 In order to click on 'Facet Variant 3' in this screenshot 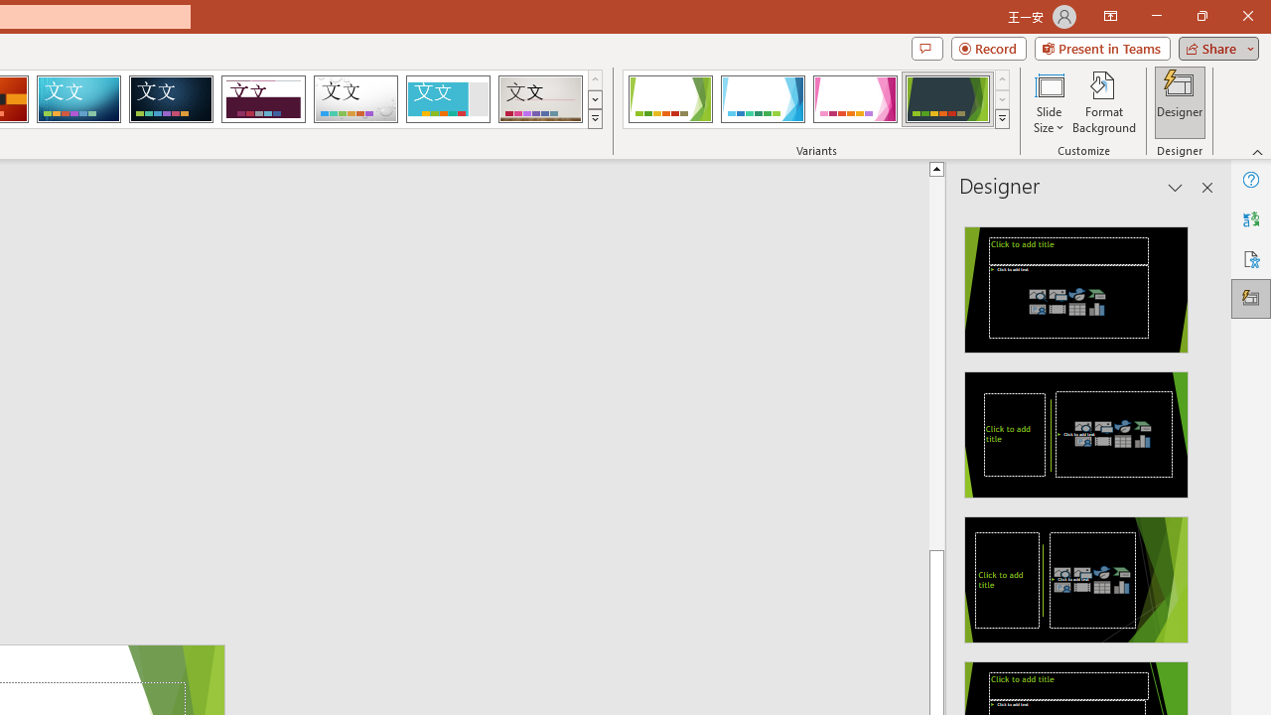, I will do `click(855, 99)`.